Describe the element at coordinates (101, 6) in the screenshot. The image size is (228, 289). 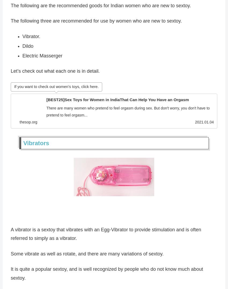
I see `'The following are the recommended goods for Indian women who are new to sextoy.'` at that location.